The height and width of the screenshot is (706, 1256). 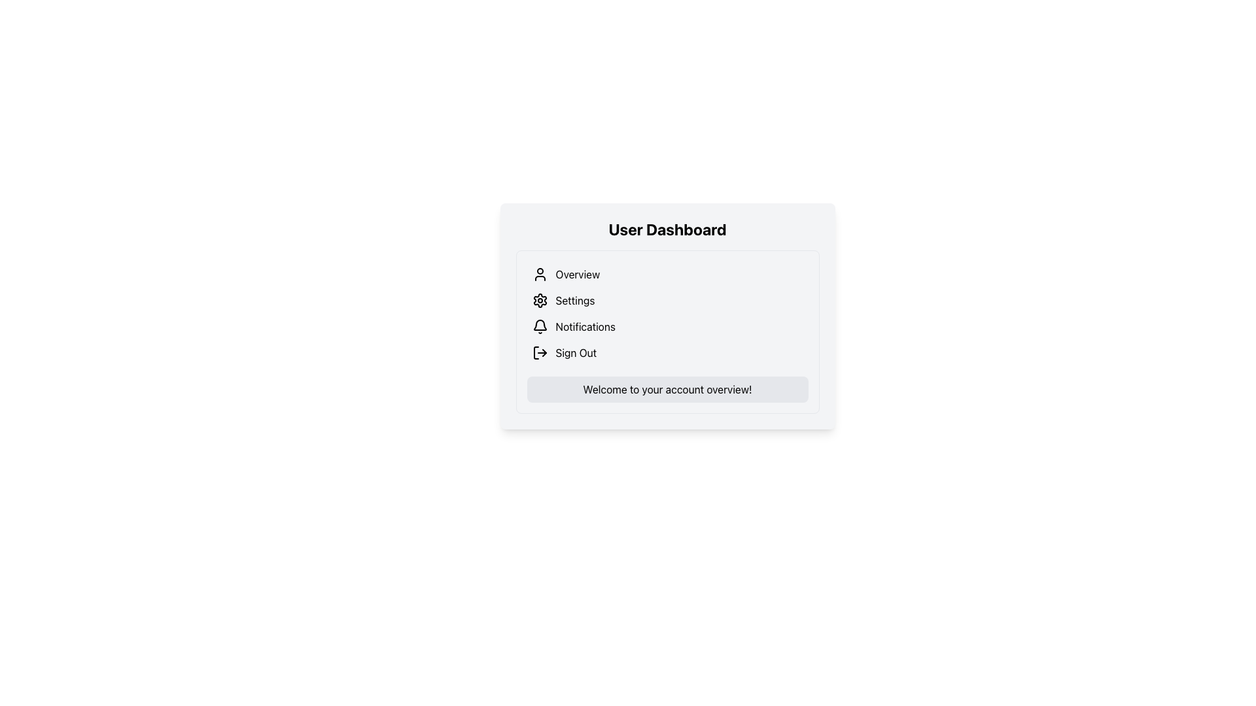 What do you see at coordinates (667, 389) in the screenshot?
I see `static text that welcomes the user and introduces the account overview section, located at the bottom of the 'User Dashboard' panel` at bounding box center [667, 389].